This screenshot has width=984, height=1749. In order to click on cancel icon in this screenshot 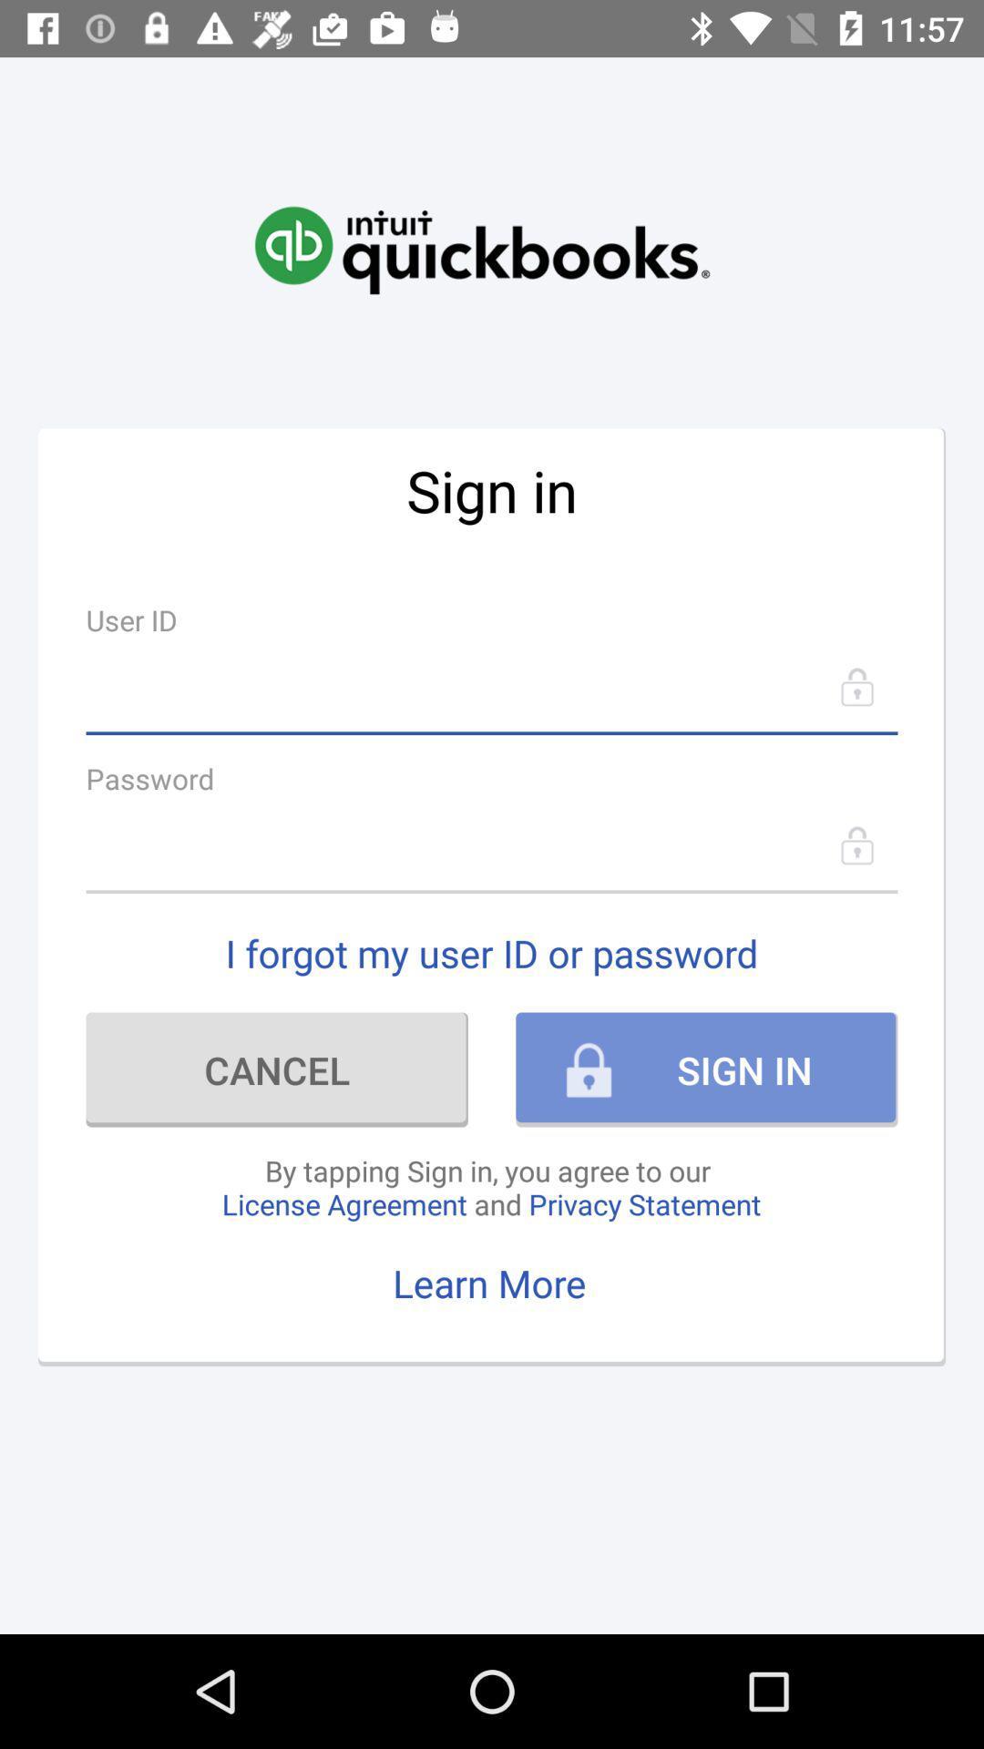, I will do `click(277, 1069)`.